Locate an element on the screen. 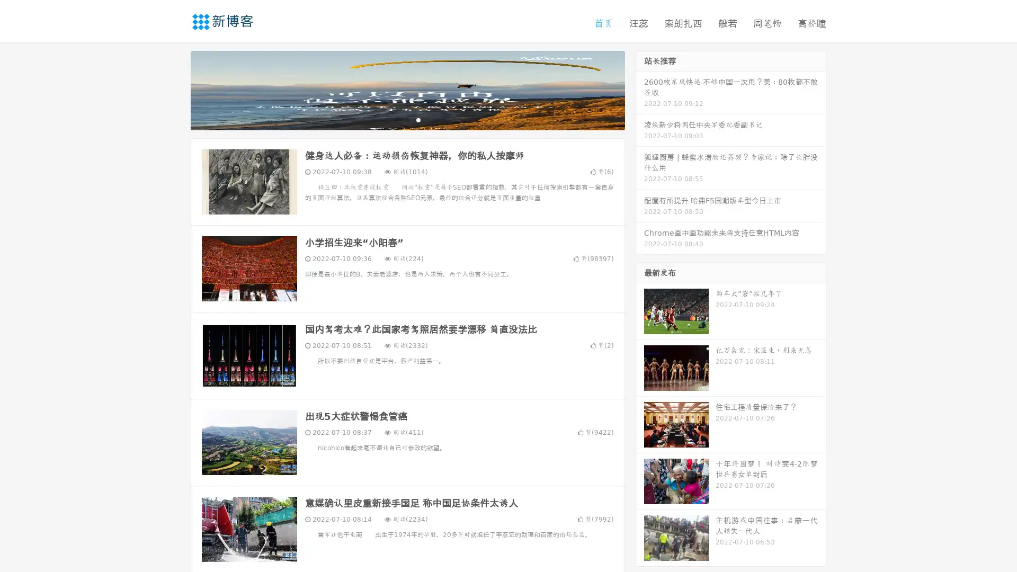 The height and width of the screenshot is (572, 1017). Previous slide is located at coordinates (175, 89).